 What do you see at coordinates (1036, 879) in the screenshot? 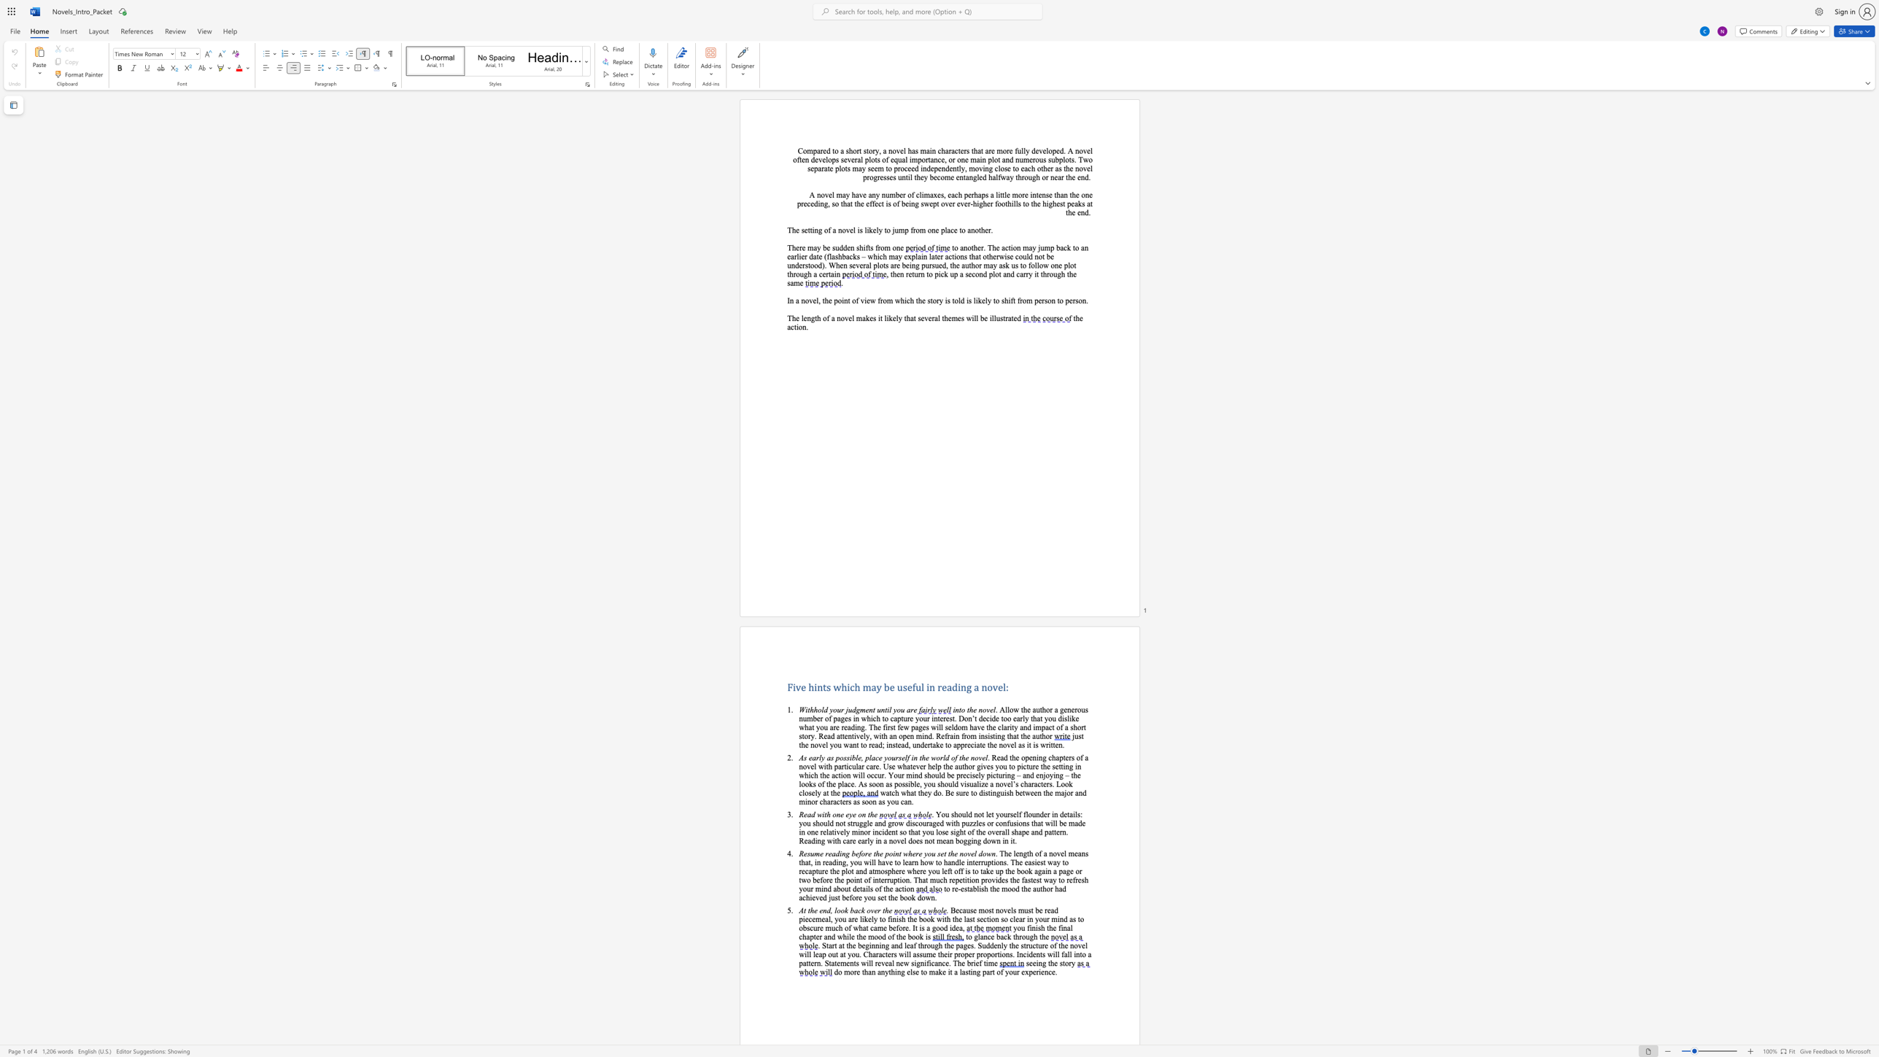
I see `the subset text "st way to refresh your mind ab" within the text "the fastest way to refresh your mind about details of the action"` at bounding box center [1036, 879].